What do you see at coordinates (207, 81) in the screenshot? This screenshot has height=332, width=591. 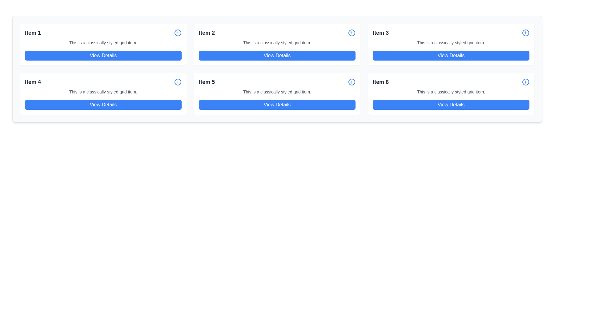 I see `the text label that indicates the name or title of the item represented by the fifth card in the middle row, second column of the grid layout` at bounding box center [207, 81].